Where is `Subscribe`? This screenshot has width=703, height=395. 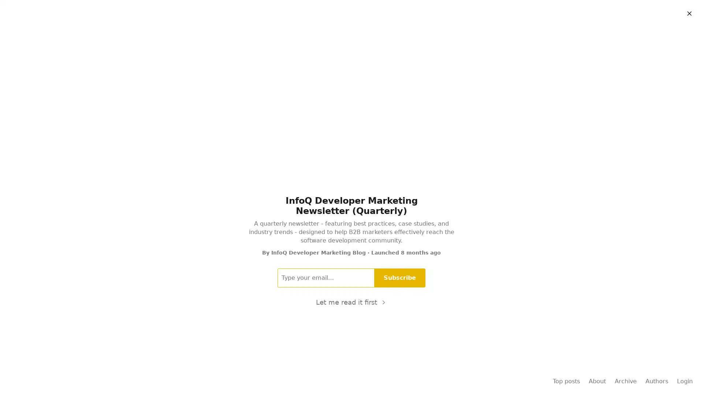 Subscribe is located at coordinates (399, 278).